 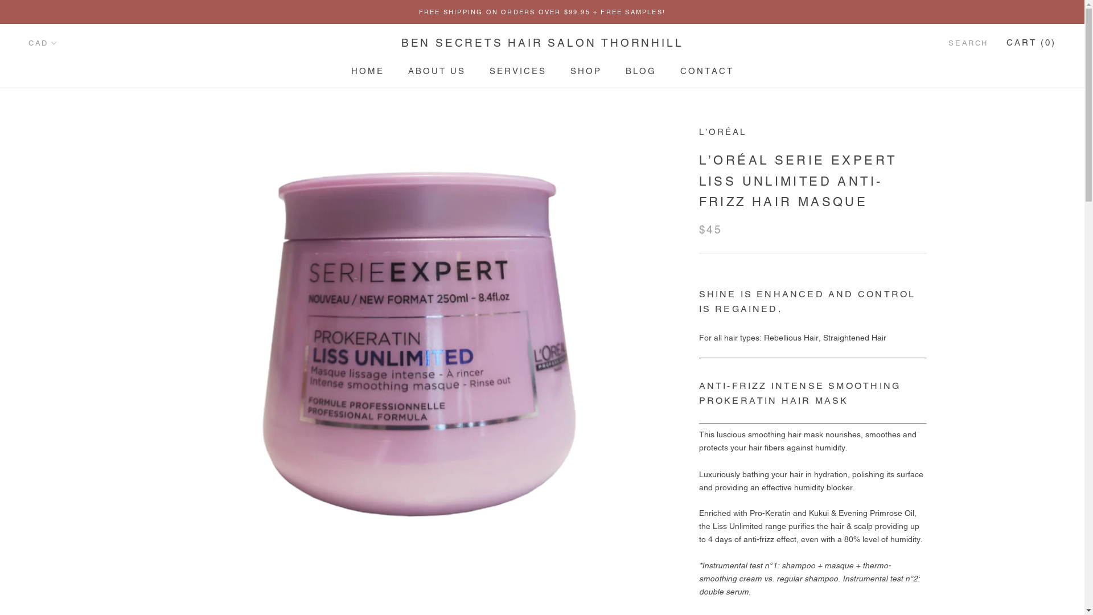 I want to click on 'HOME, so click(x=367, y=71).